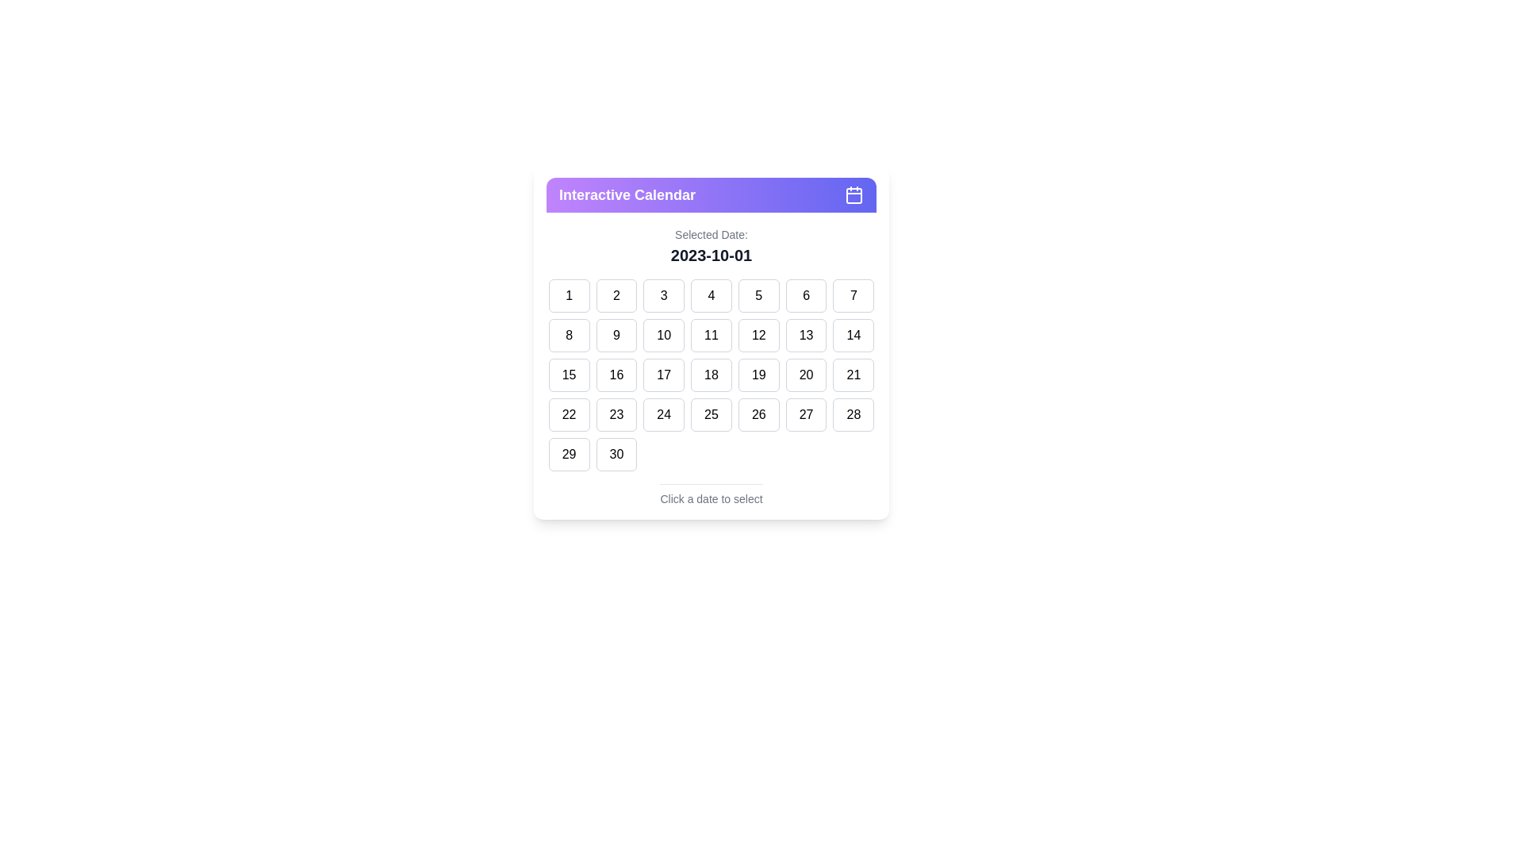 The width and height of the screenshot is (1523, 857). I want to click on the square button with rounded corners displaying '18', so click(711, 375).